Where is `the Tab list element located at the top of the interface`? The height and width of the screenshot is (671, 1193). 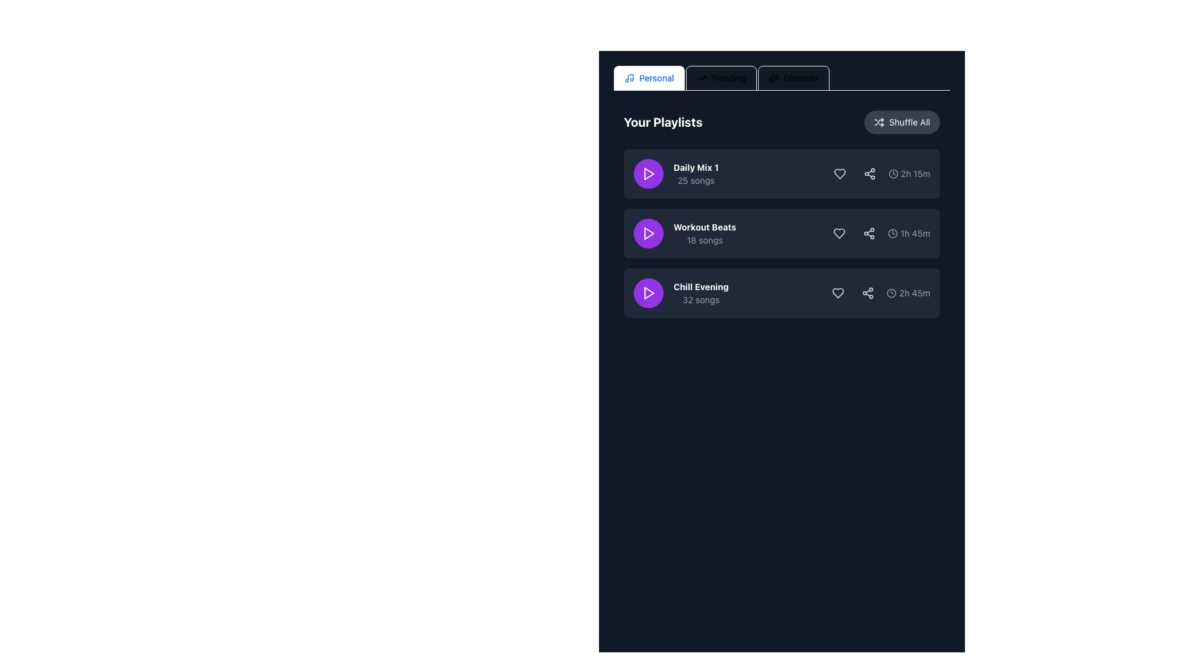 the Tab list element located at the top of the interface is located at coordinates (781, 78).